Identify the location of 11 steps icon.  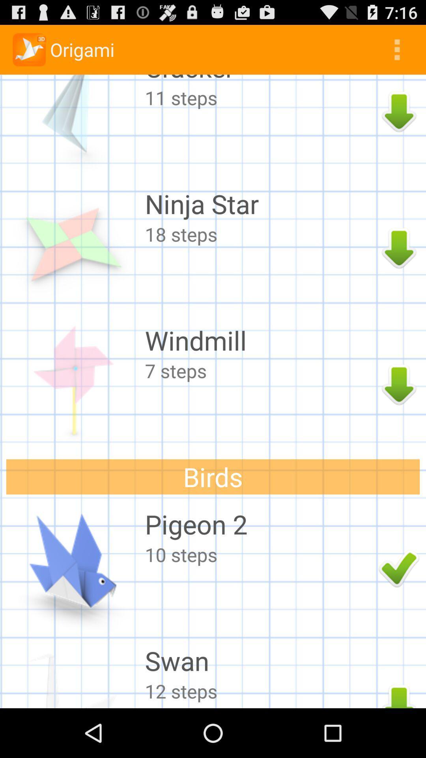
(260, 97).